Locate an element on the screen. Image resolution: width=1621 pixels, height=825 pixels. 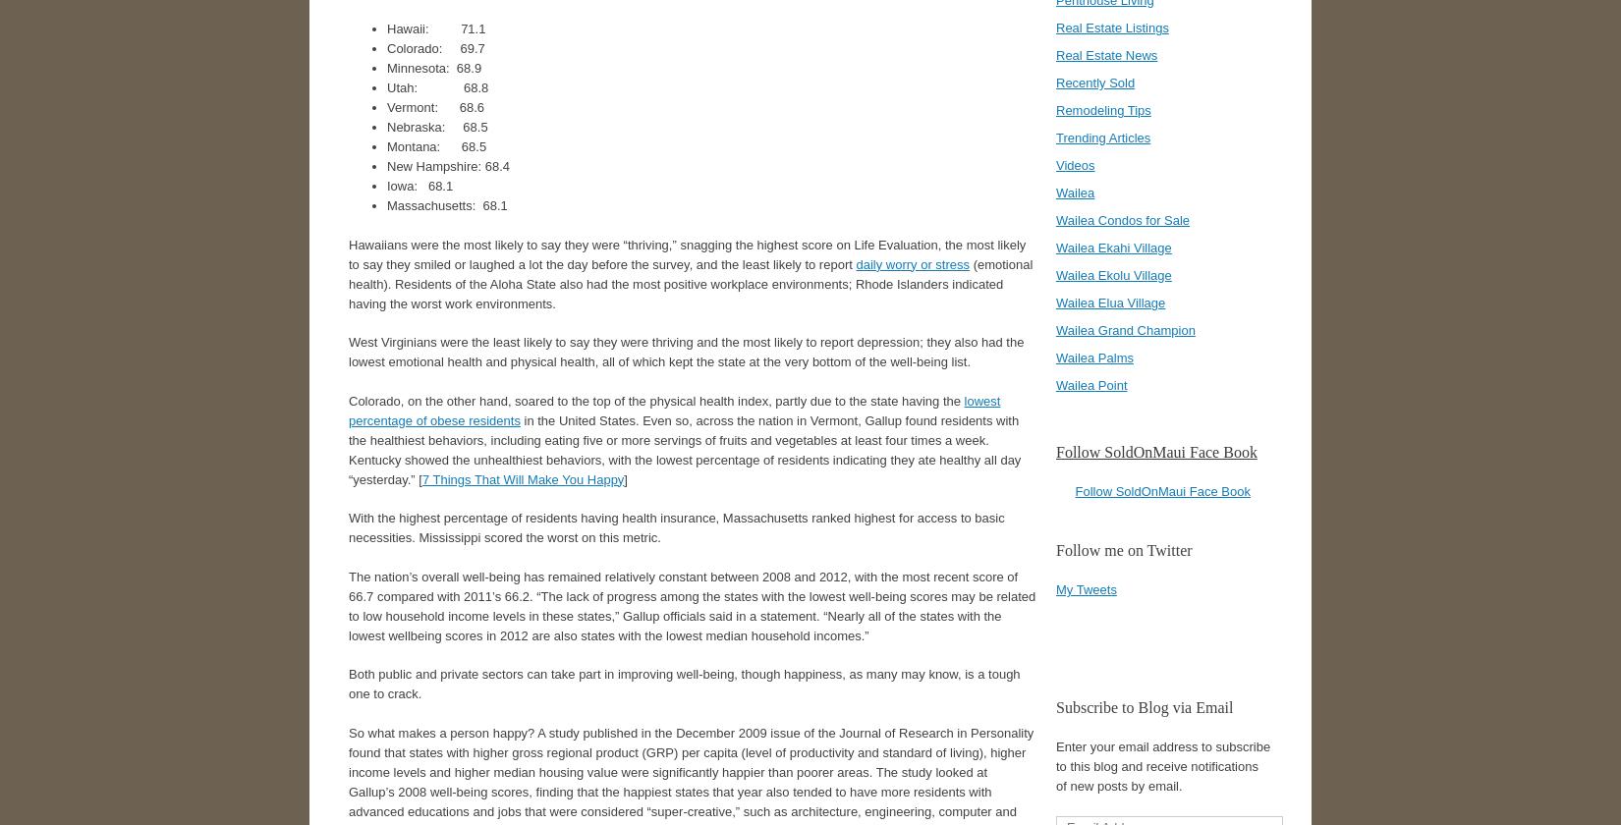
'New Hampshire: 68.4' is located at coordinates (447, 165).